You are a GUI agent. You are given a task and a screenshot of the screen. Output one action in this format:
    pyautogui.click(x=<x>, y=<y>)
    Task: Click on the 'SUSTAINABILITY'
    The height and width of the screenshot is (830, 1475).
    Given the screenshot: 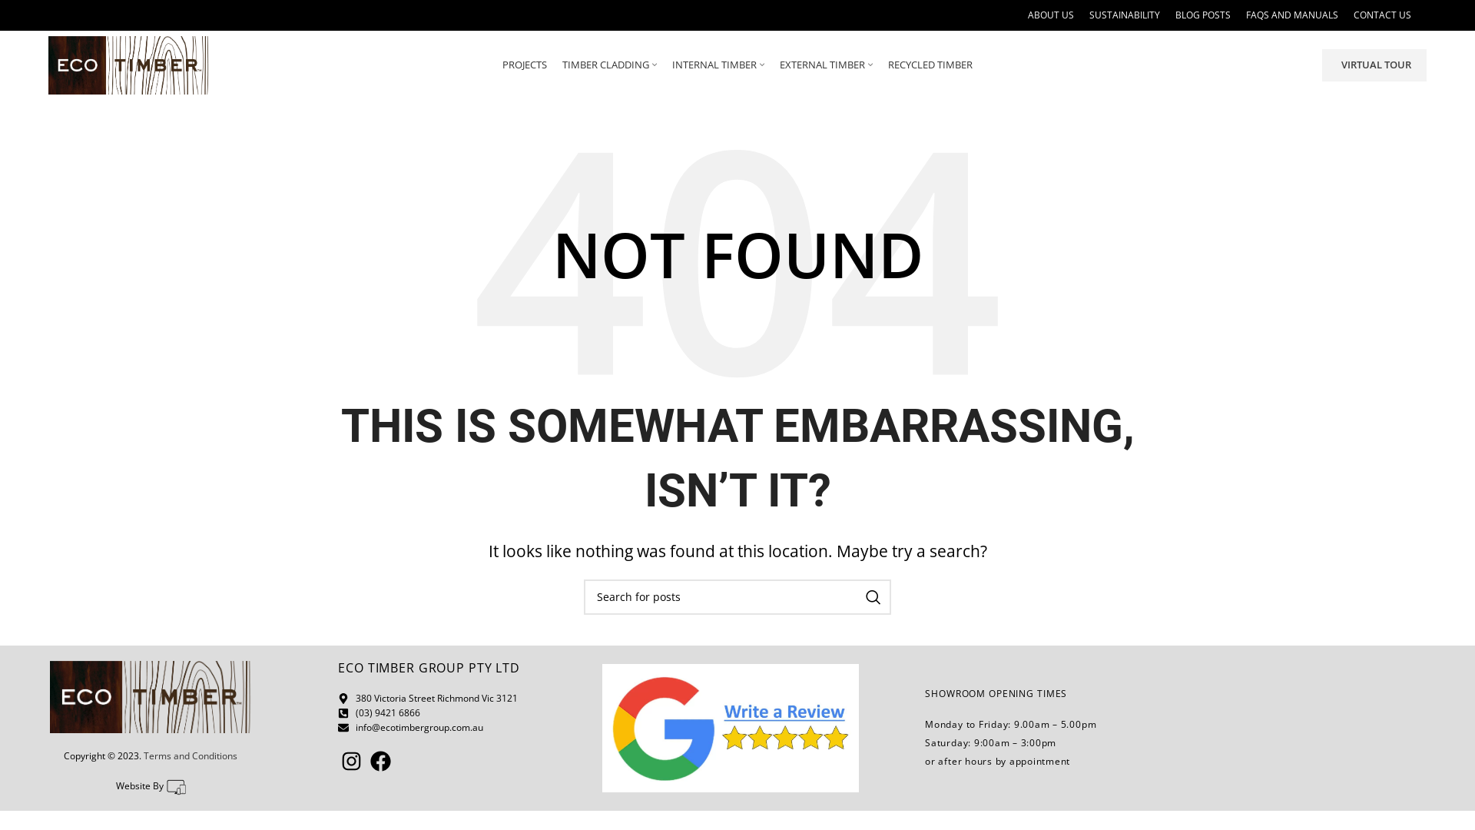 What is the action you would take?
    pyautogui.click(x=1125, y=15)
    